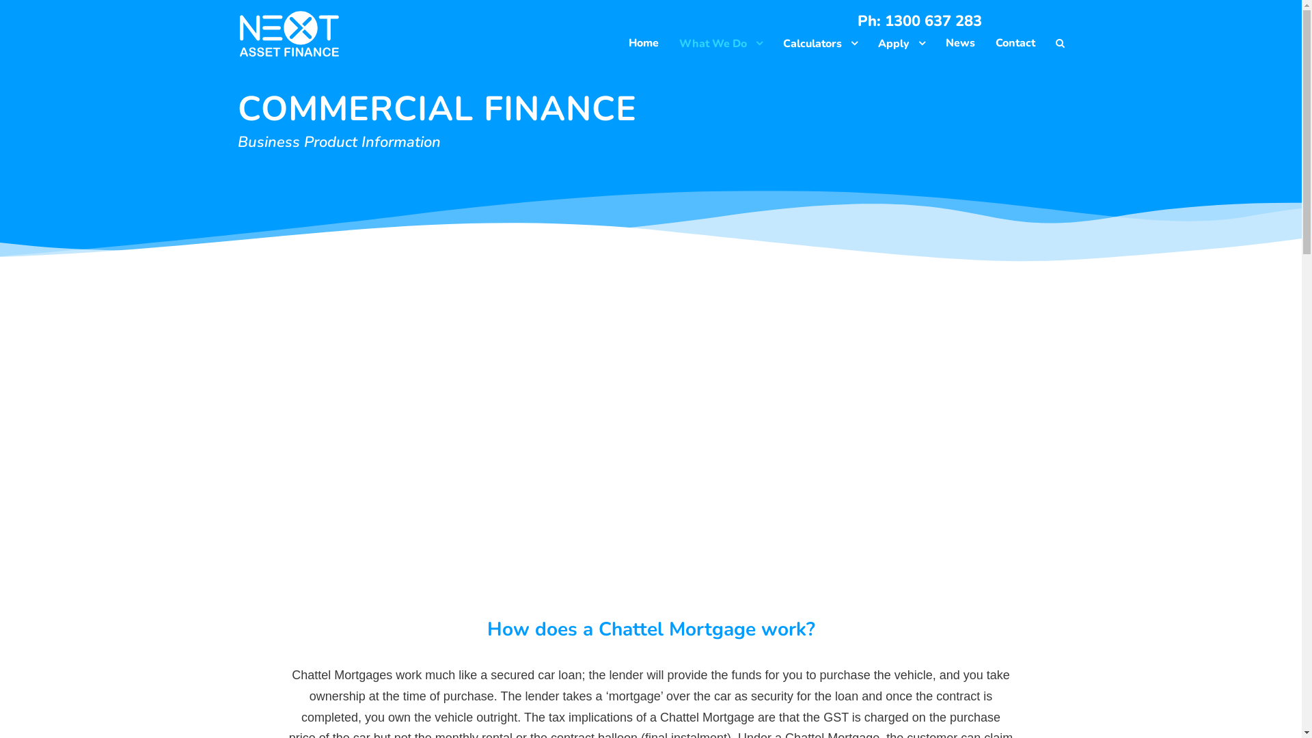  I want to click on 'Contact', so click(1014, 46).